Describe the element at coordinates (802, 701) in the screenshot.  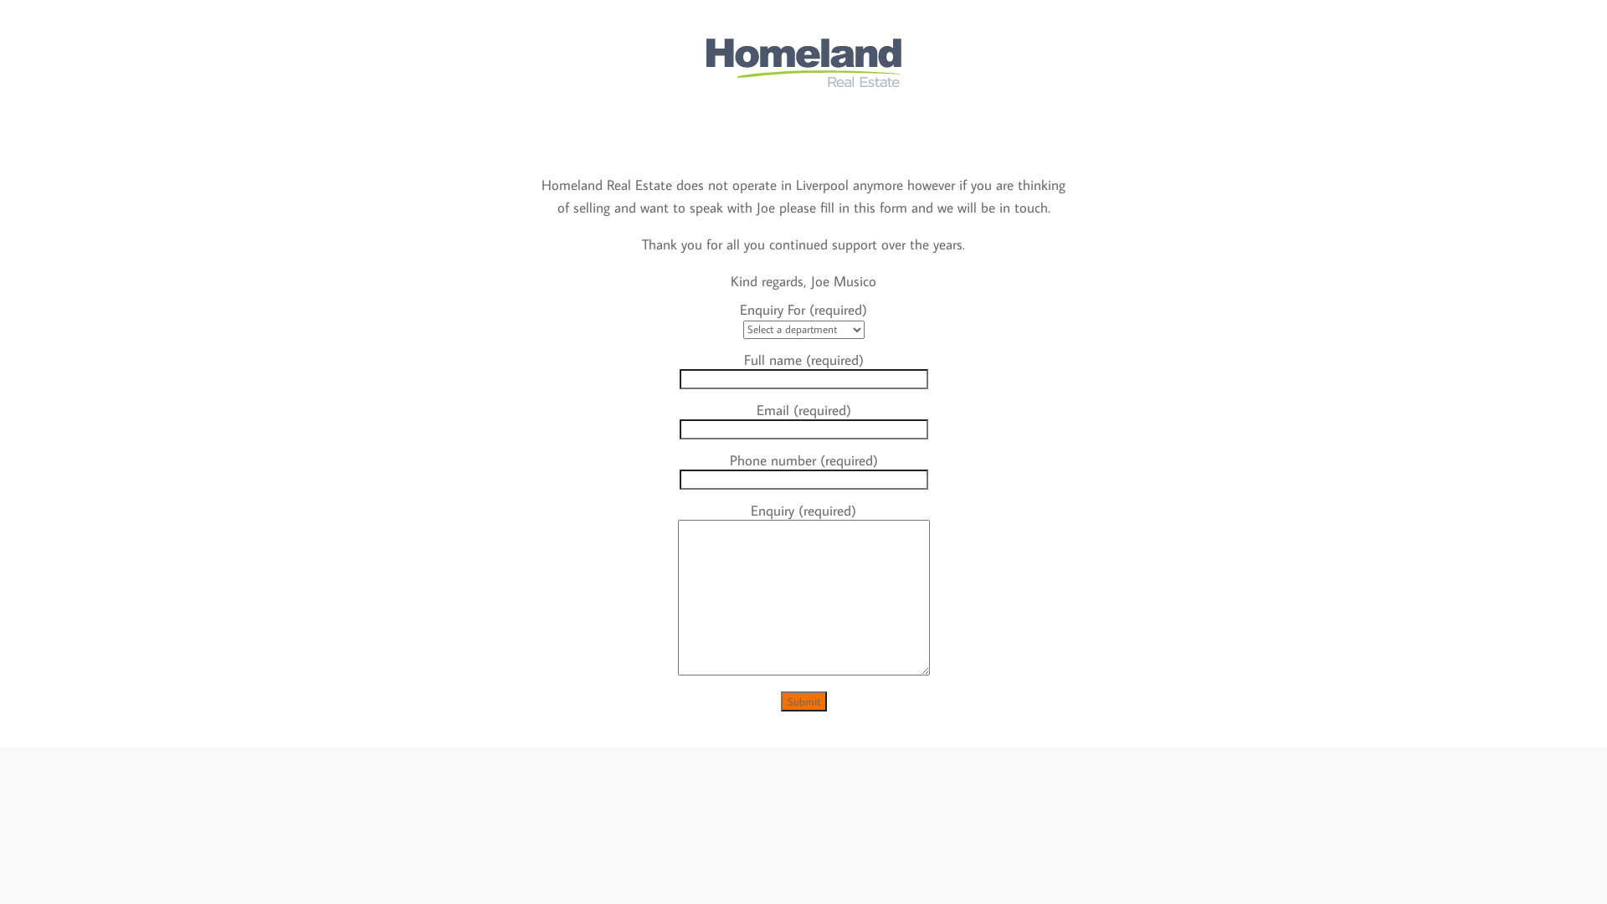
I see `'Submit'` at that location.